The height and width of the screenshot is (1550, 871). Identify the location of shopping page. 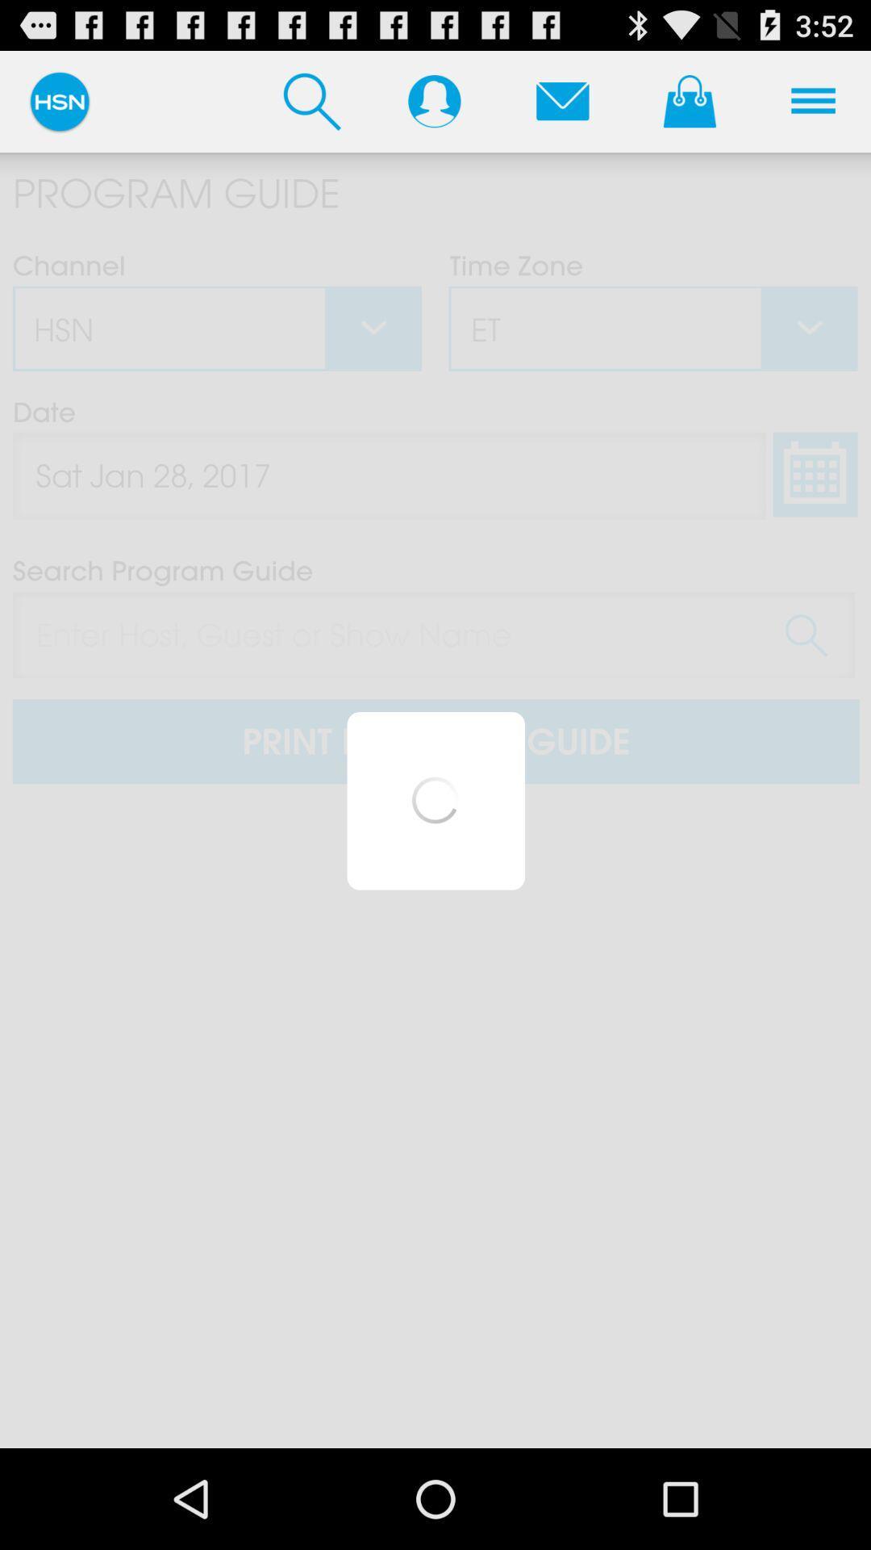
(690, 100).